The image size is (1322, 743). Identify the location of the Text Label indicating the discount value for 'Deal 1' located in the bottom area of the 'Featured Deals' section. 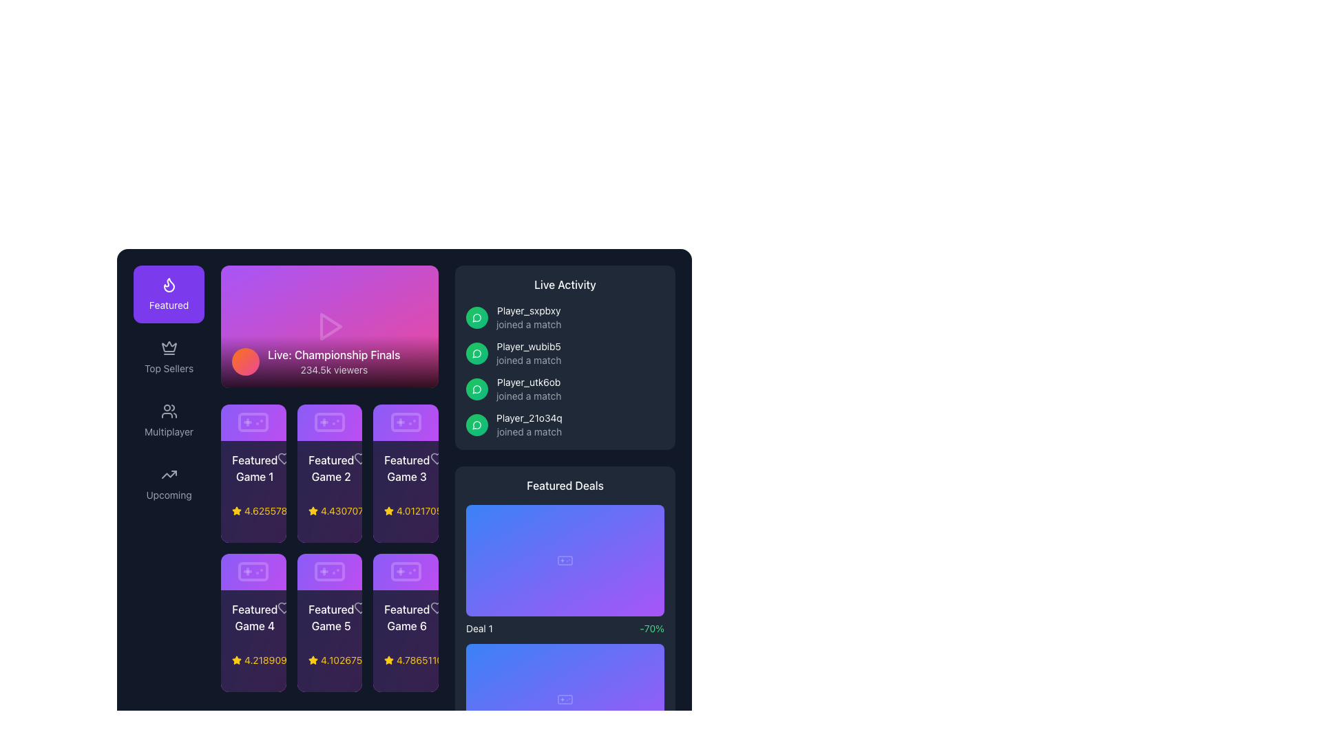
(651, 629).